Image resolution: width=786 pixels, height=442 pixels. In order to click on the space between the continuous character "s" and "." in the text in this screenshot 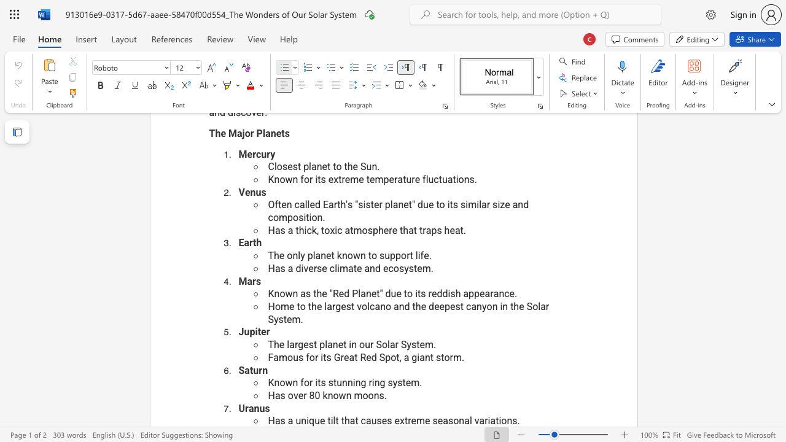, I will do `click(516, 420)`.